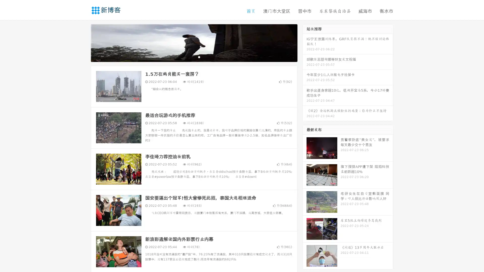 Image resolution: width=484 pixels, height=272 pixels. I want to click on Previous slide, so click(83, 42).